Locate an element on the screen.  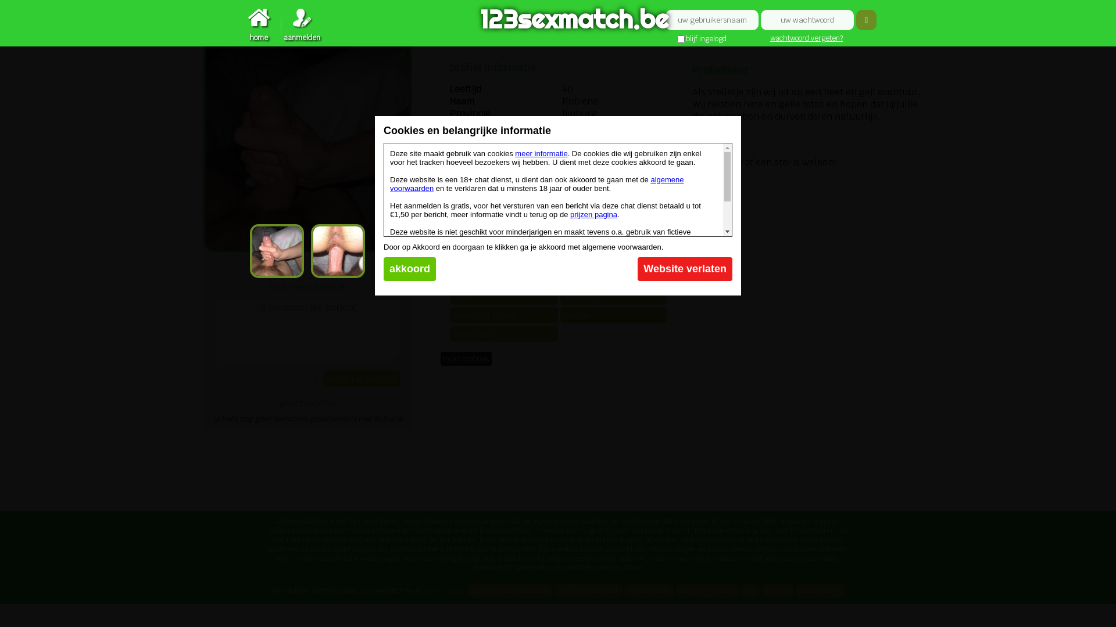
'bondage' is located at coordinates (613, 296).